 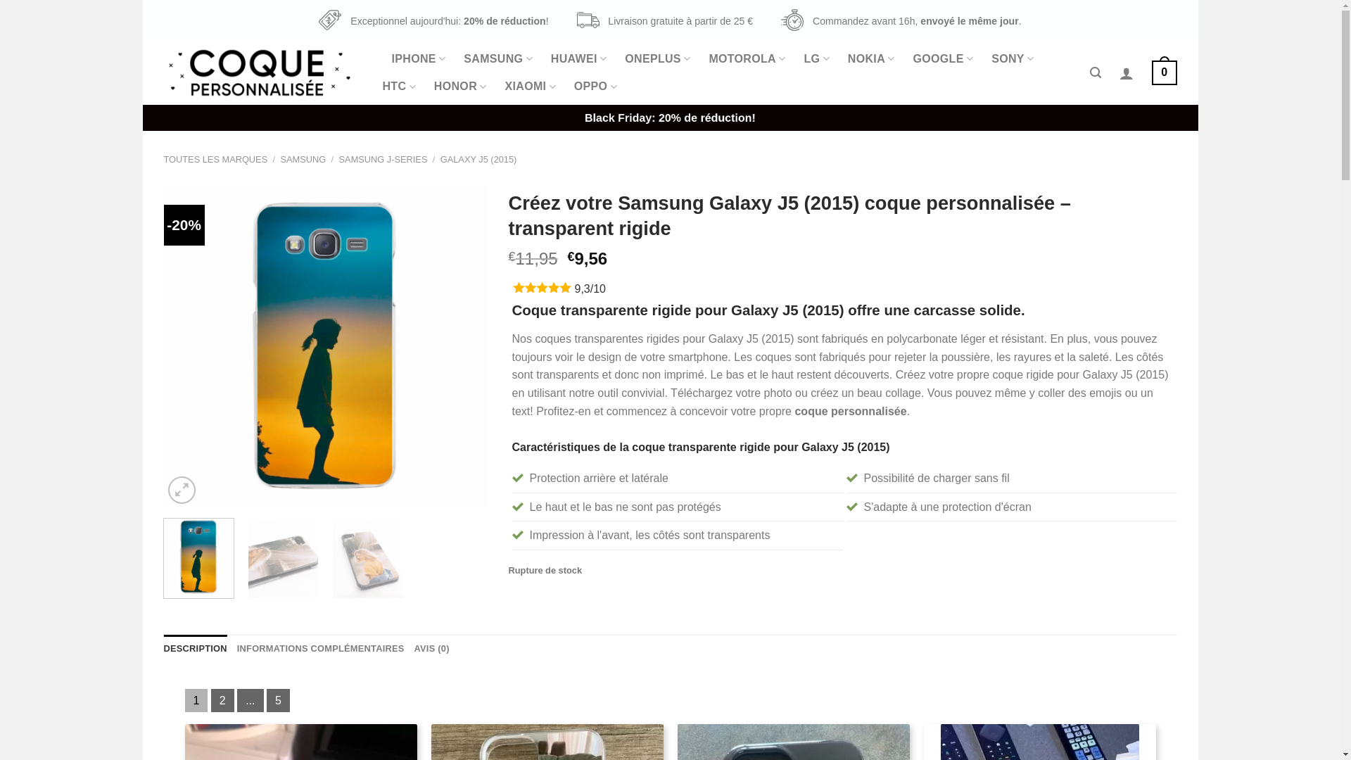 What do you see at coordinates (460, 87) in the screenshot?
I see `'HONOR'` at bounding box center [460, 87].